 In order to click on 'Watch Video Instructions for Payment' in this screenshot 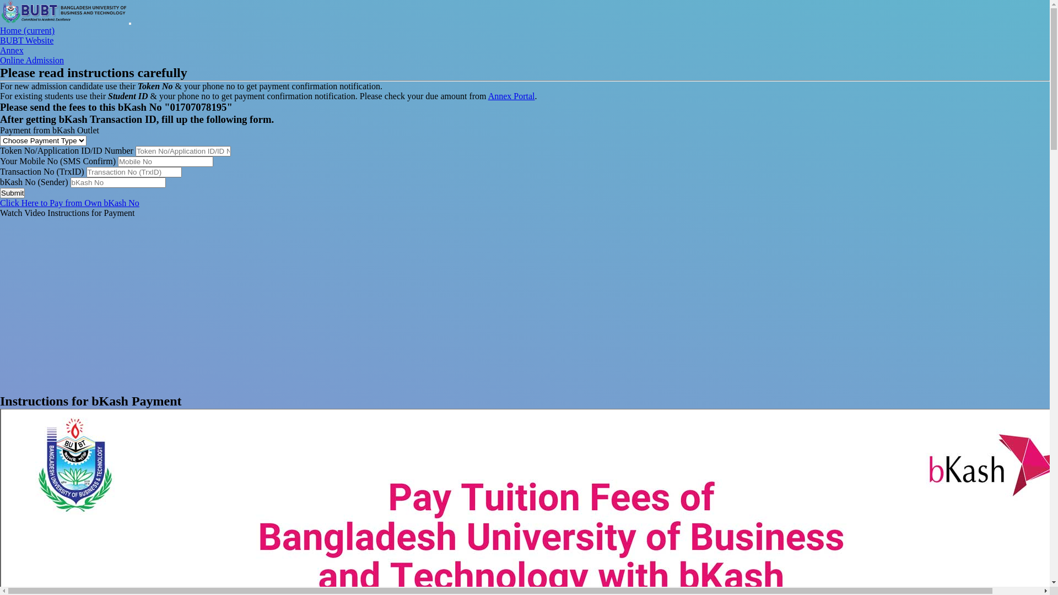, I will do `click(0, 213)`.